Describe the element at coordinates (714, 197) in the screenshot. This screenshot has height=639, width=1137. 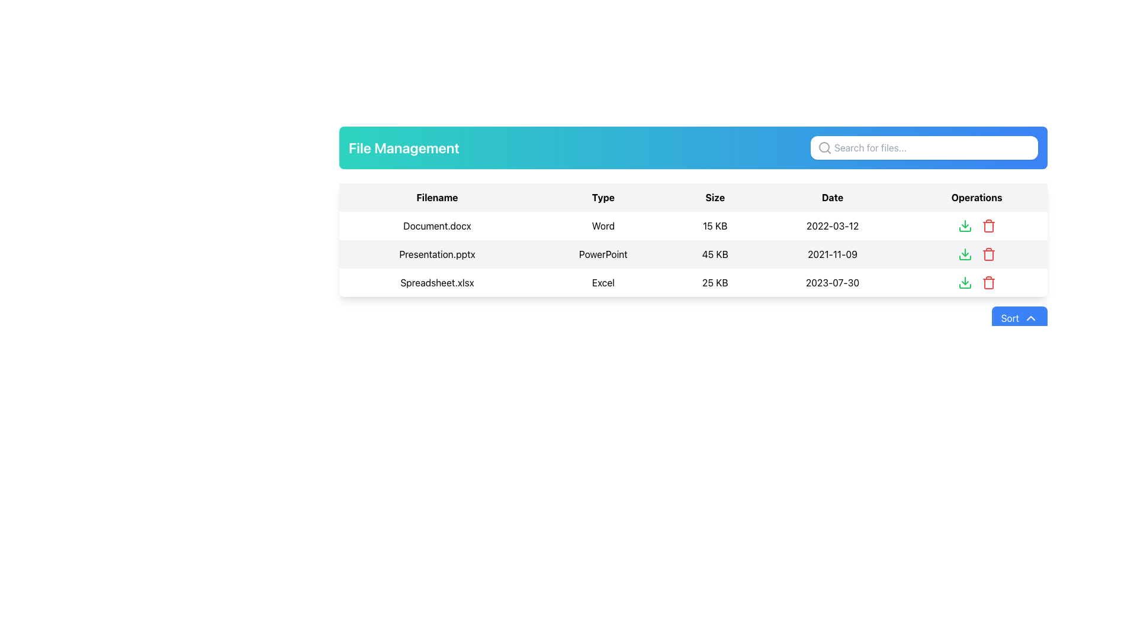
I see `the 'Size' column header in the table, which is the third header located between 'Type' and 'Date'` at that location.